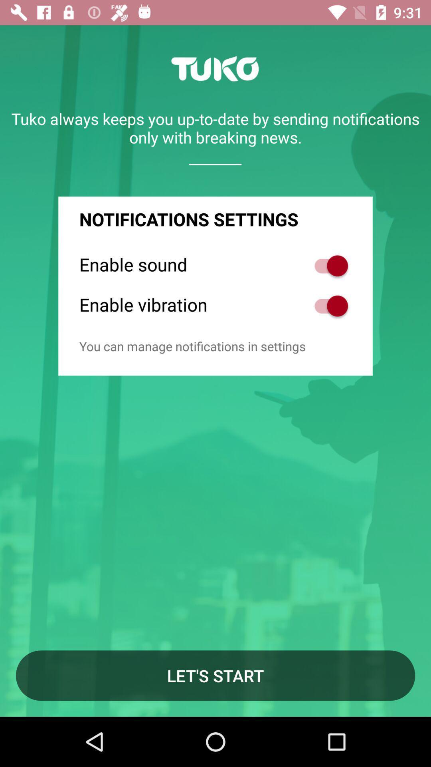 This screenshot has width=431, height=767. What do you see at coordinates (327, 266) in the screenshot?
I see `unselect the sound` at bounding box center [327, 266].